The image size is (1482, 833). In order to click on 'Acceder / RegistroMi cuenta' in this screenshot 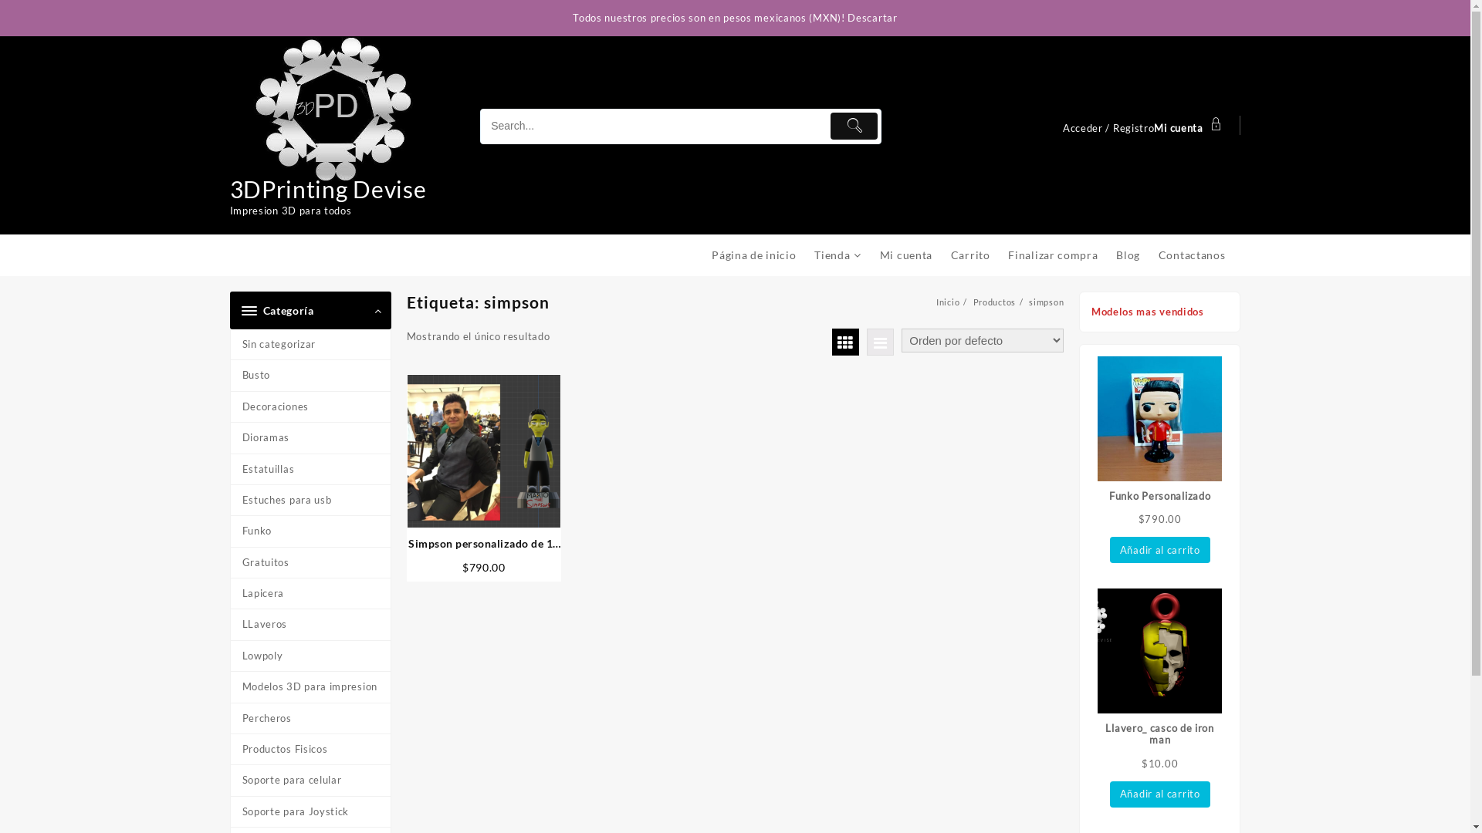, I will do `click(1144, 125)`.